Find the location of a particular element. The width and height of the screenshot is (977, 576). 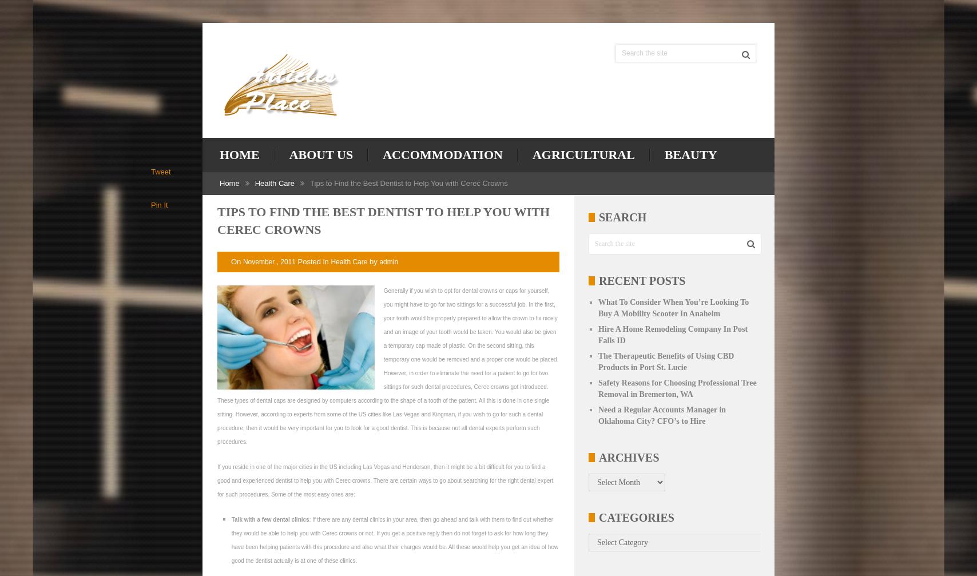

'On' is located at coordinates (236, 261).